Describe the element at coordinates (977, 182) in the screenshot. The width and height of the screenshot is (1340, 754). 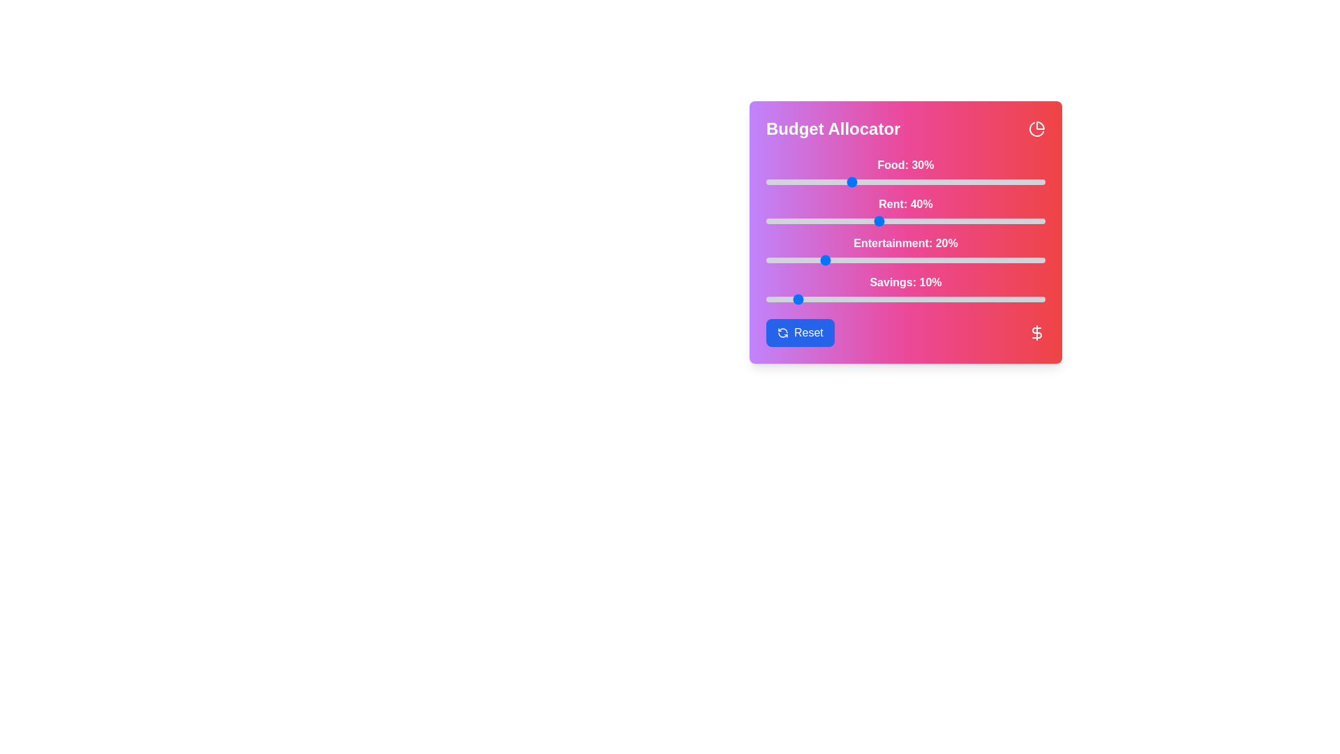
I see `'Food' slider` at that location.